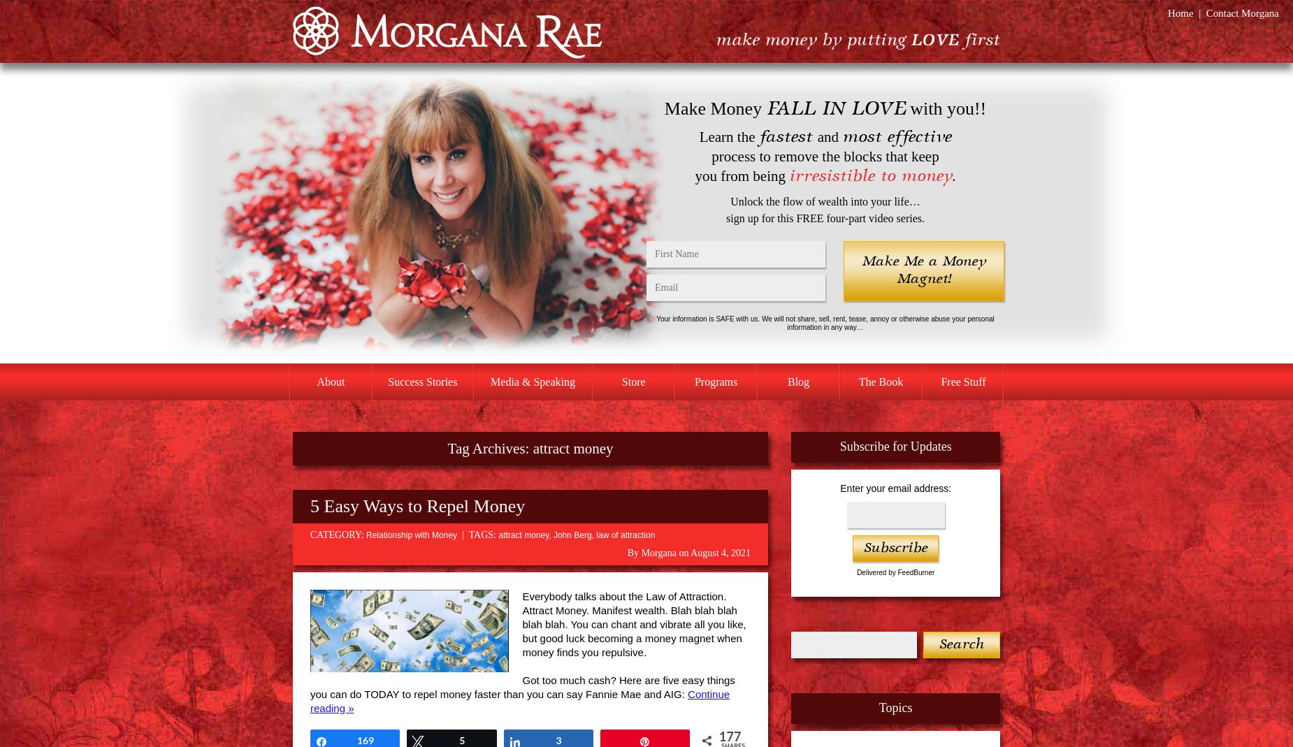 The width and height of the screenshot is (1293, 747). Describe the element at coordinates (824, 321) in the screenshot. I see `'Your information is SAFE with us. We will not share, sell, rent, tease, annoy or otherwise abuse your personal information in any way…'` at that location.